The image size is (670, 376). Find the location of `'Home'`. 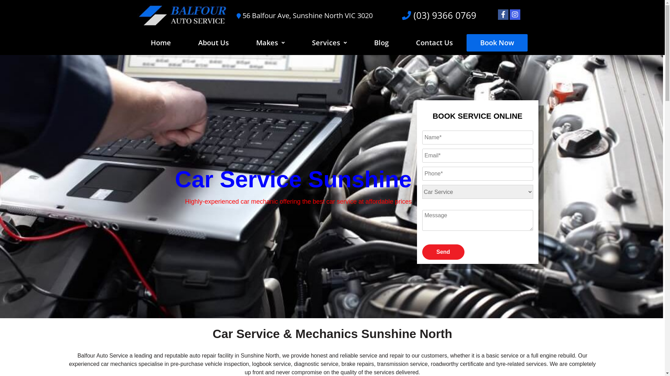

'Home' is located at coordinates (160, 43).